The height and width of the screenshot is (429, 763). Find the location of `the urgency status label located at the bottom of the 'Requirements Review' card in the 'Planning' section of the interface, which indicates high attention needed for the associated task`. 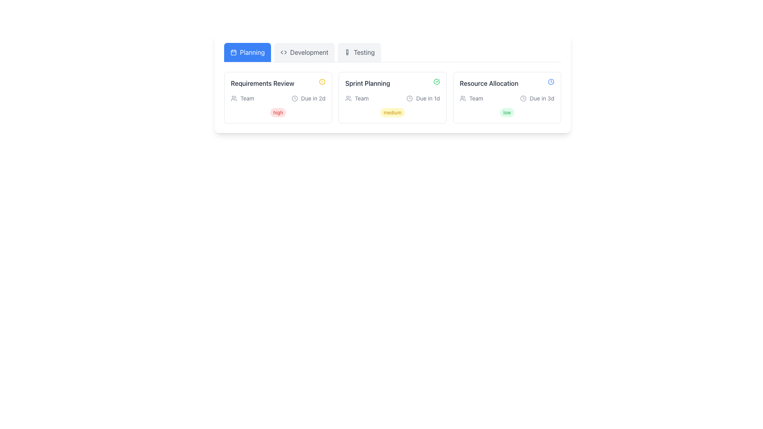

the urgency status label located at the bottom of the 'Requirements Review' card in the 'Planning' section of the interface, which indicates high attention needed for the associated task is located at coordinates (278, 112).